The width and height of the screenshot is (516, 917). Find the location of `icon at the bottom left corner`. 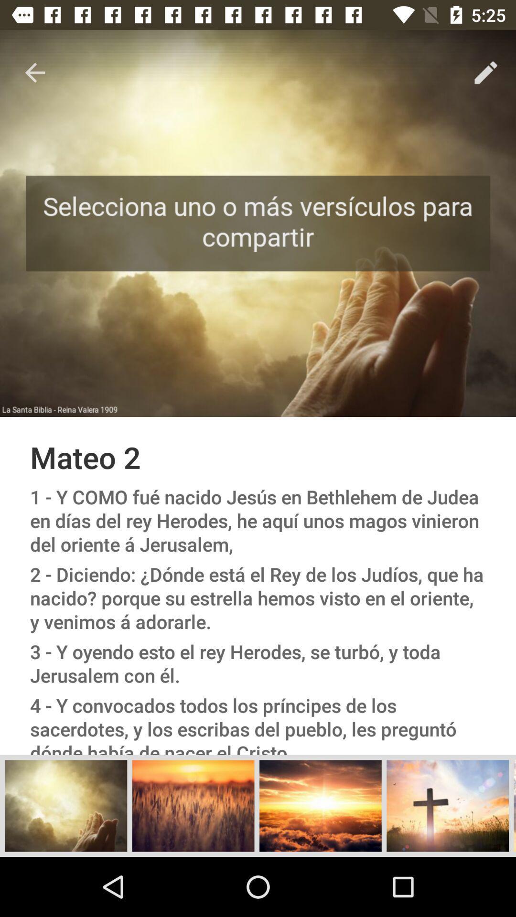

icon at the bottom left corner is located at coordinates (65, 805).